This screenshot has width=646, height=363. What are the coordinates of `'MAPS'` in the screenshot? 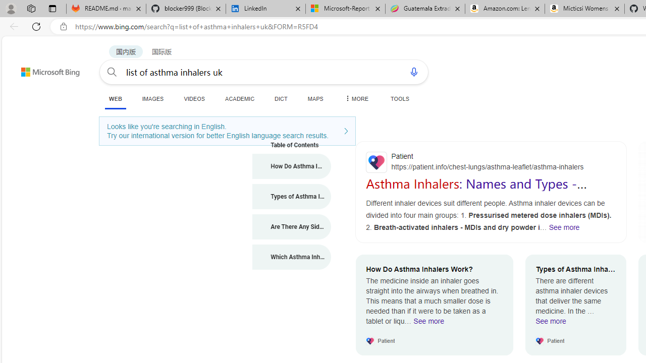 It's located at (315, 98).